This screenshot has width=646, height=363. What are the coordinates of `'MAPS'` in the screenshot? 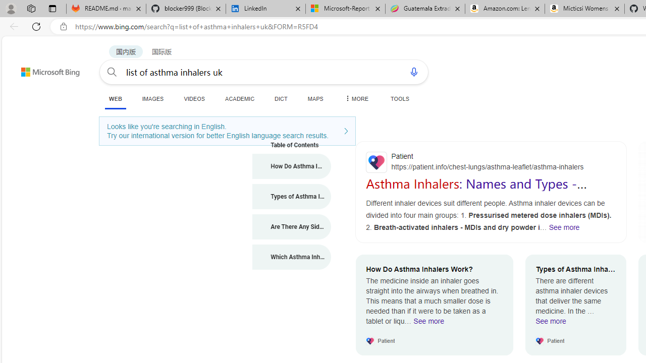 It's located at (315, 98).